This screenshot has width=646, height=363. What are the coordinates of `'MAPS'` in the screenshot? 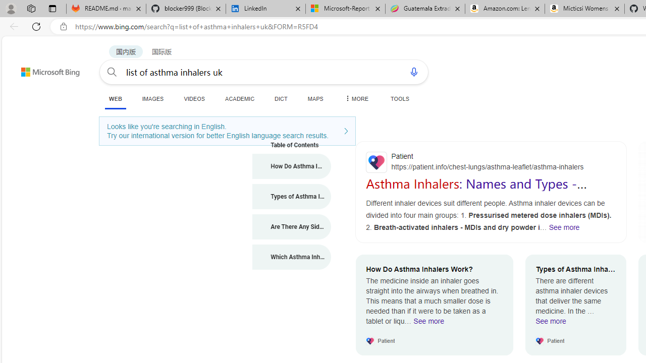 It's located at (315, 98).